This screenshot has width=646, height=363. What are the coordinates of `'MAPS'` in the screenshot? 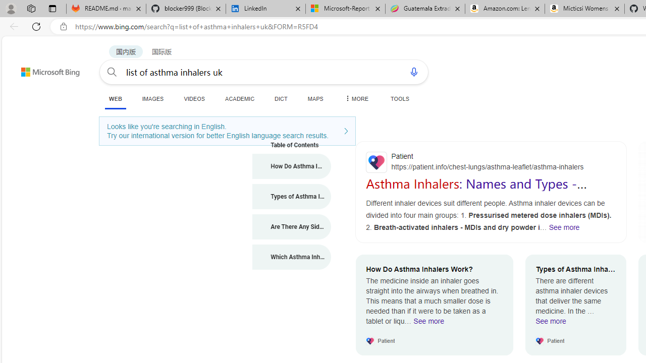 It's located at (315, 98).